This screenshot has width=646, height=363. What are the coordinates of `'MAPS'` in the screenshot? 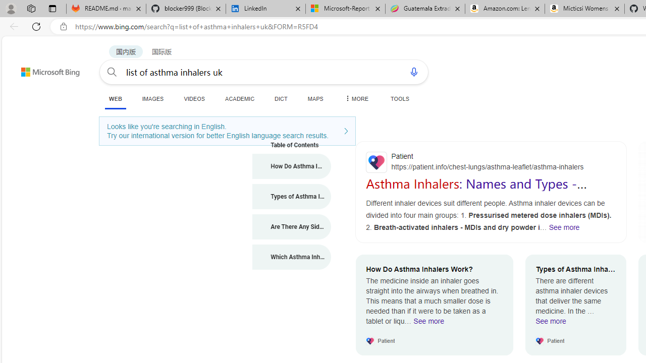 It's located at (315, 98).